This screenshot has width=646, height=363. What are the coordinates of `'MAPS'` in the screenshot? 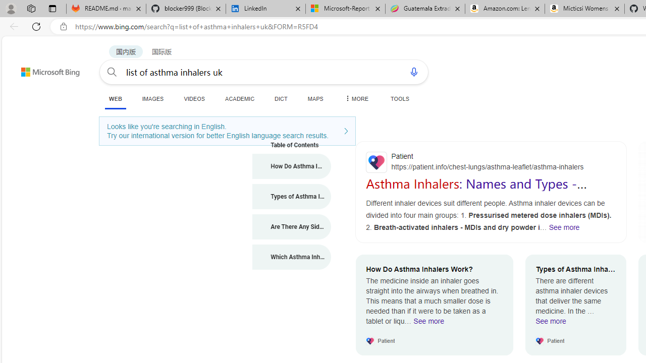 It's located at (315, 98).